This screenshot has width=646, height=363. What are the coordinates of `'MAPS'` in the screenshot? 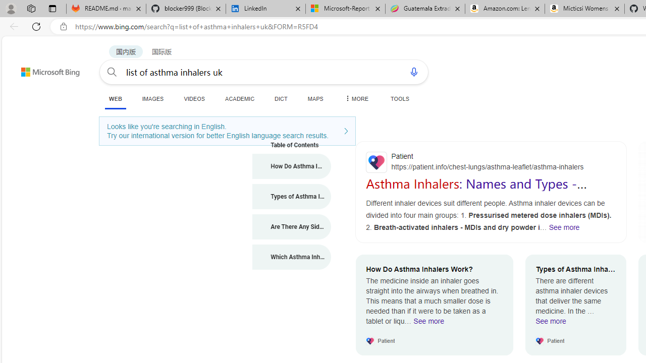 It's located at (315, 98).